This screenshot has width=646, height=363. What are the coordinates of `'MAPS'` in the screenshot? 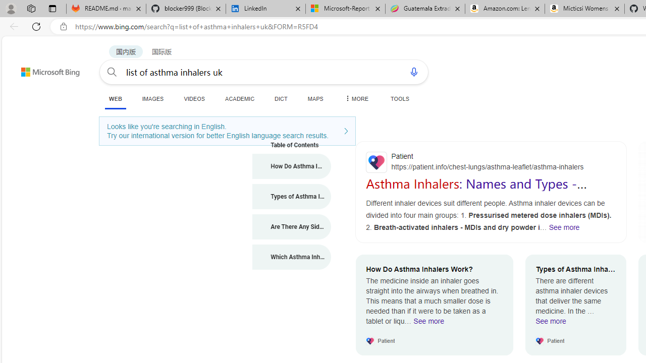 It's located at (315, 98).